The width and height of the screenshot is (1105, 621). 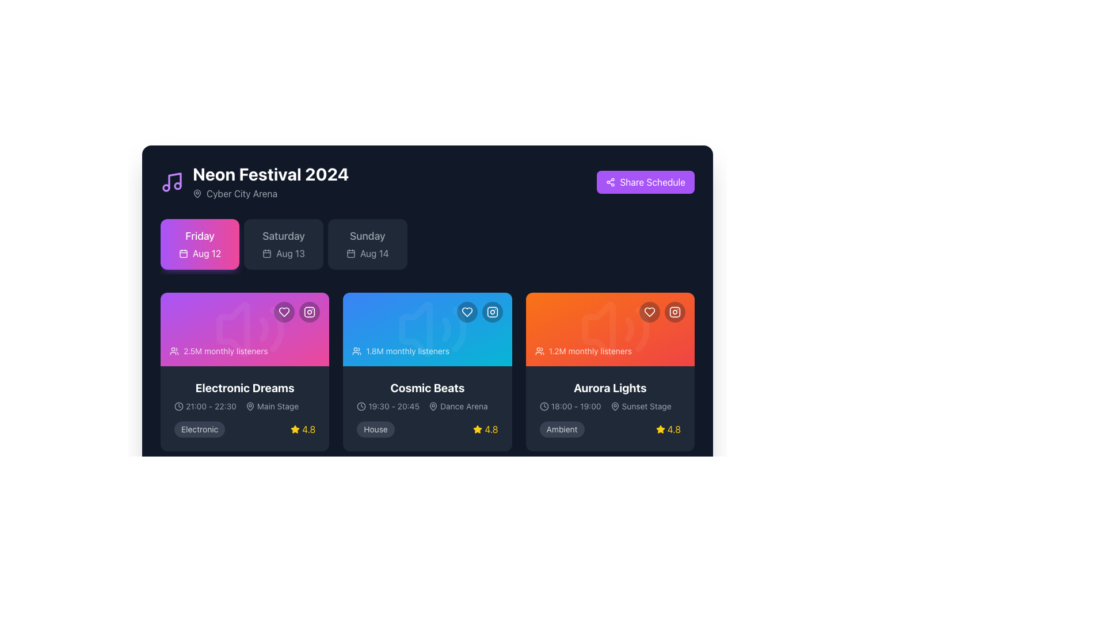 I want to click on the network sharing icon located within the 'Share Schedule' button, positioned to the left of the text label, so click(x=610, y=181).